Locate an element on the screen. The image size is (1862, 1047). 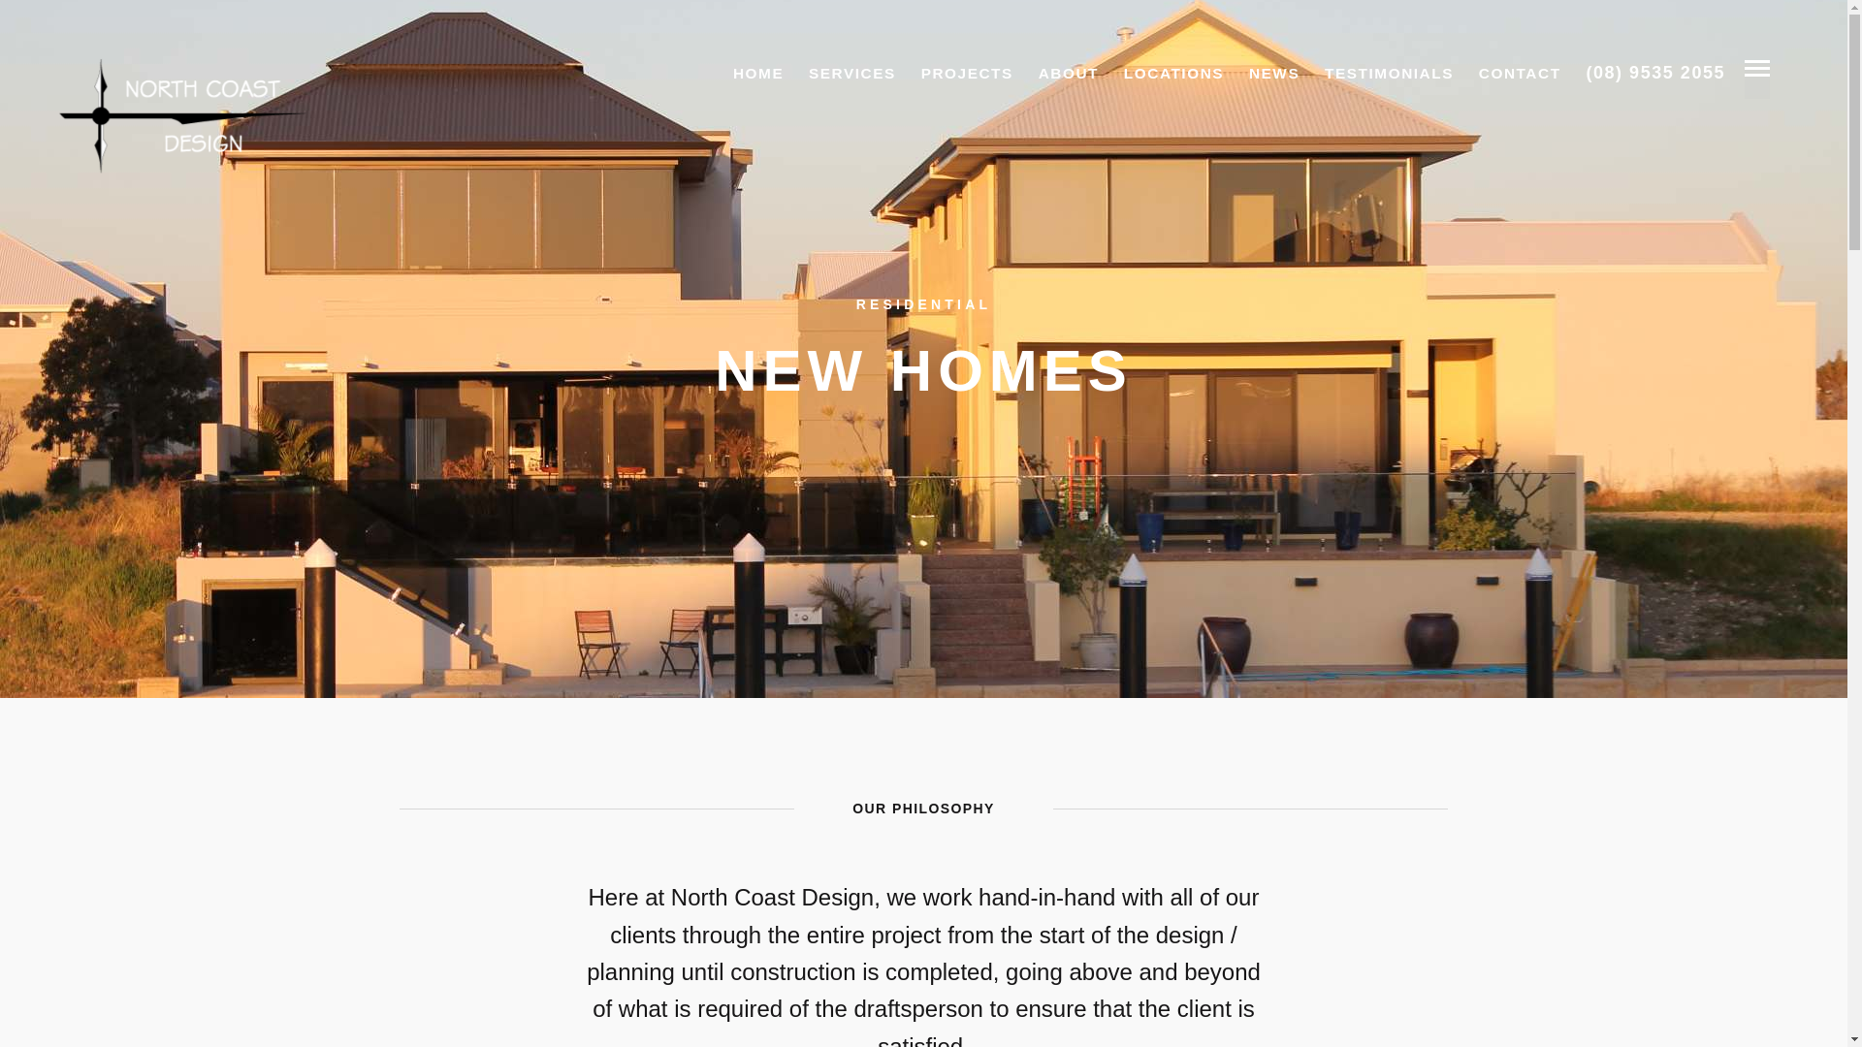
'North Coast Design' is located at coordinates (182, 115).